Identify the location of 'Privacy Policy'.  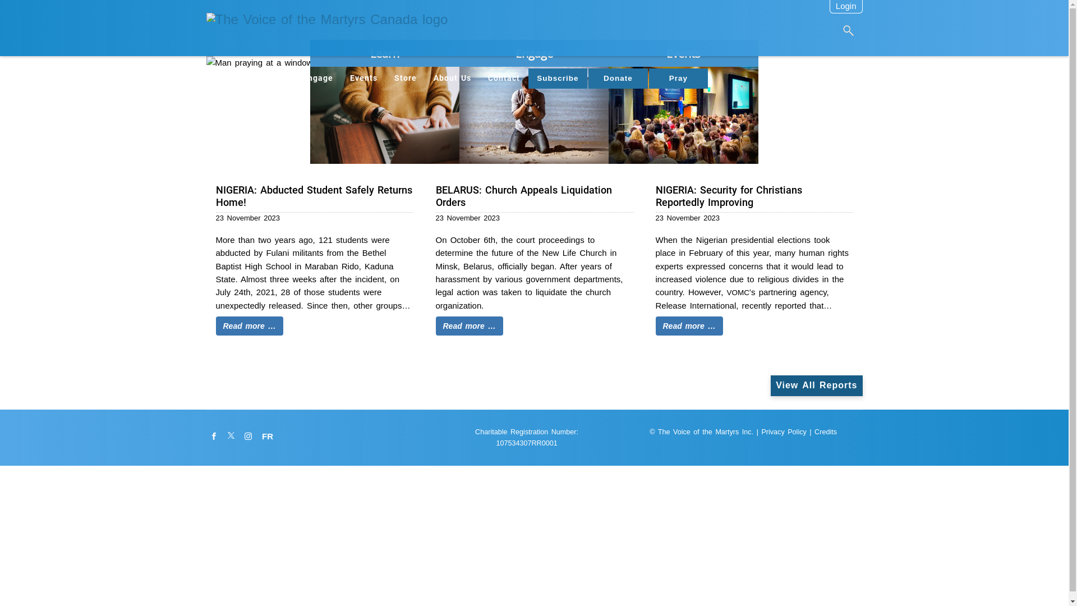
(783, 431).